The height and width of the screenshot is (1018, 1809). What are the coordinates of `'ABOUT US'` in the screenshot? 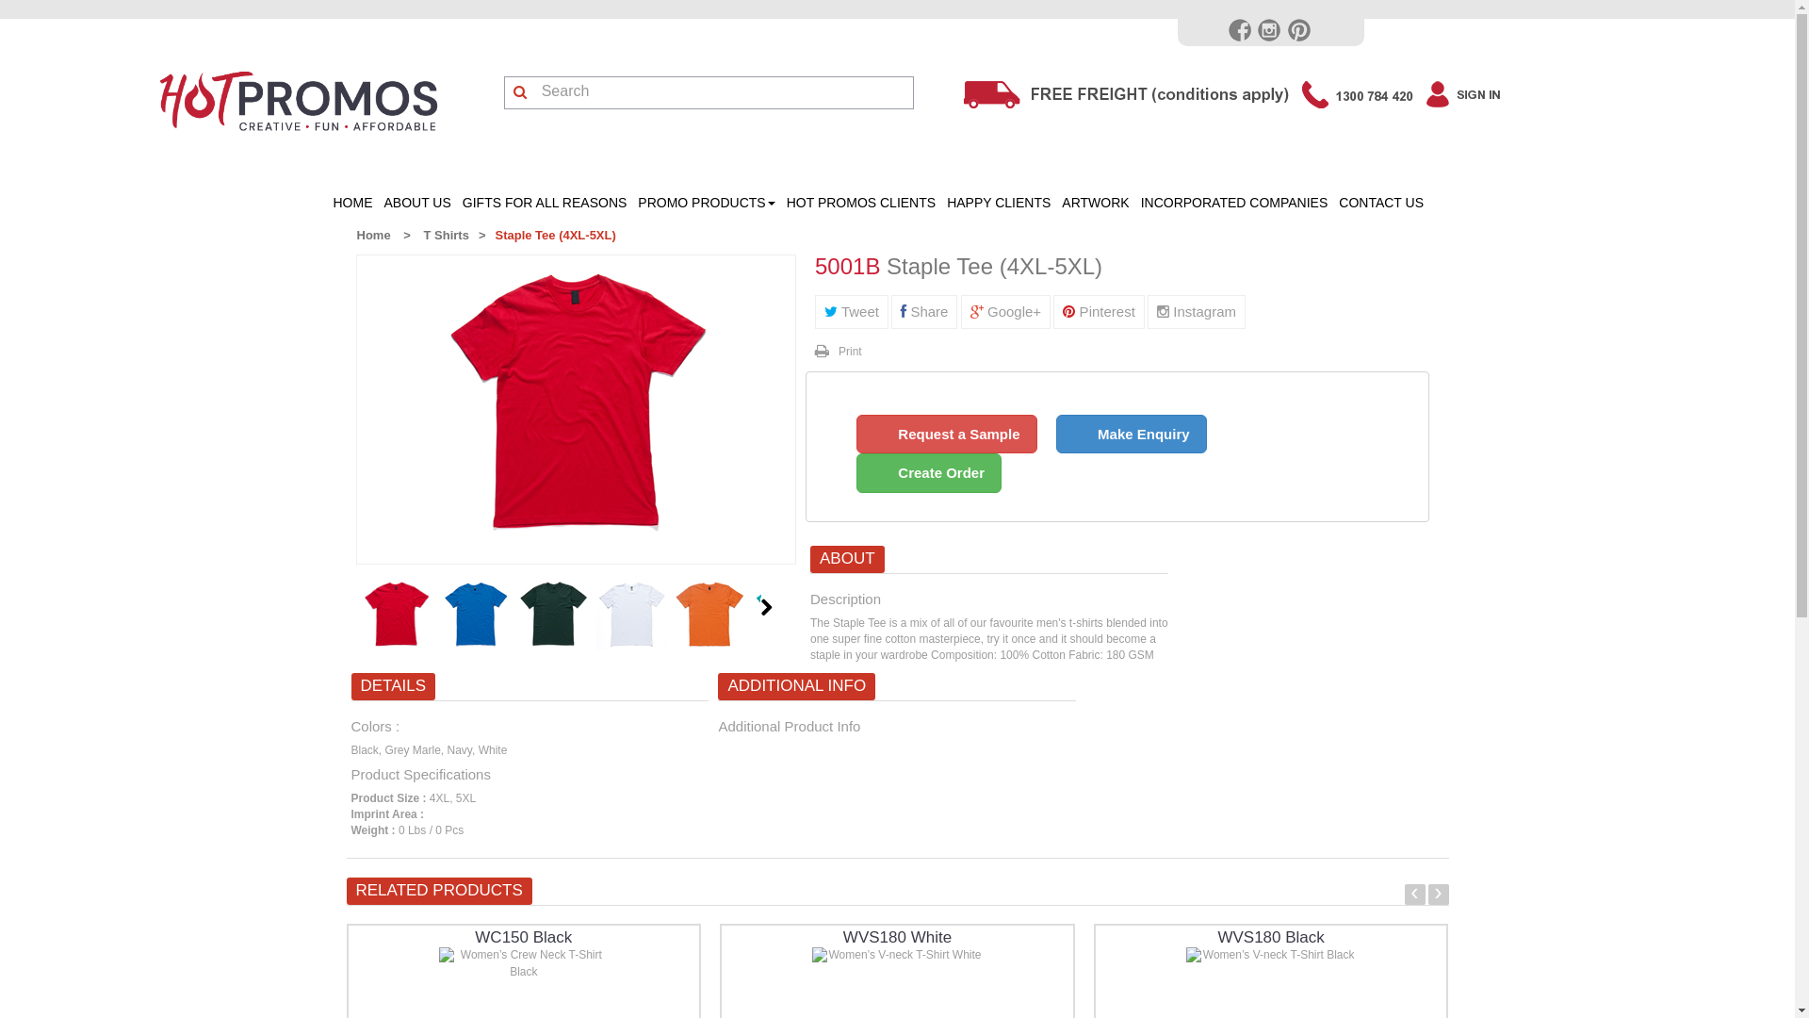 It's located at (416, 203).